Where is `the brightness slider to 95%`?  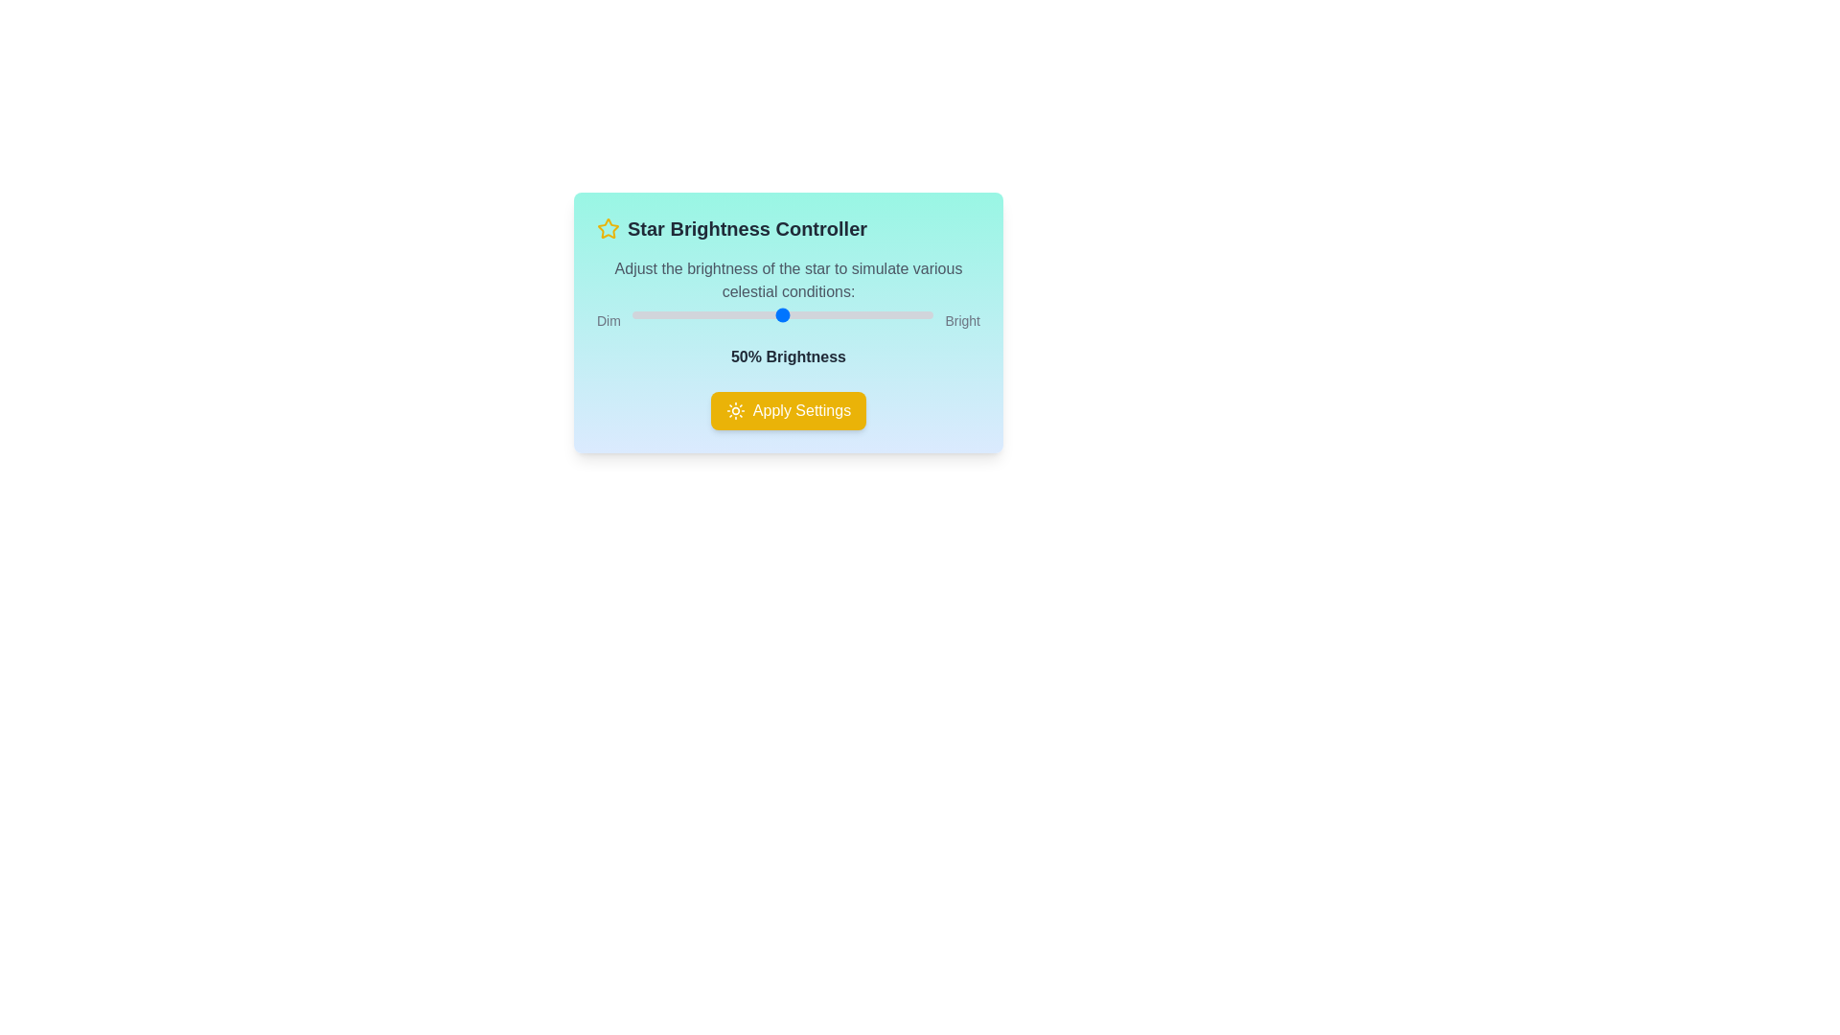
the brightness slider to 95% is located at coordinates (917, 313).